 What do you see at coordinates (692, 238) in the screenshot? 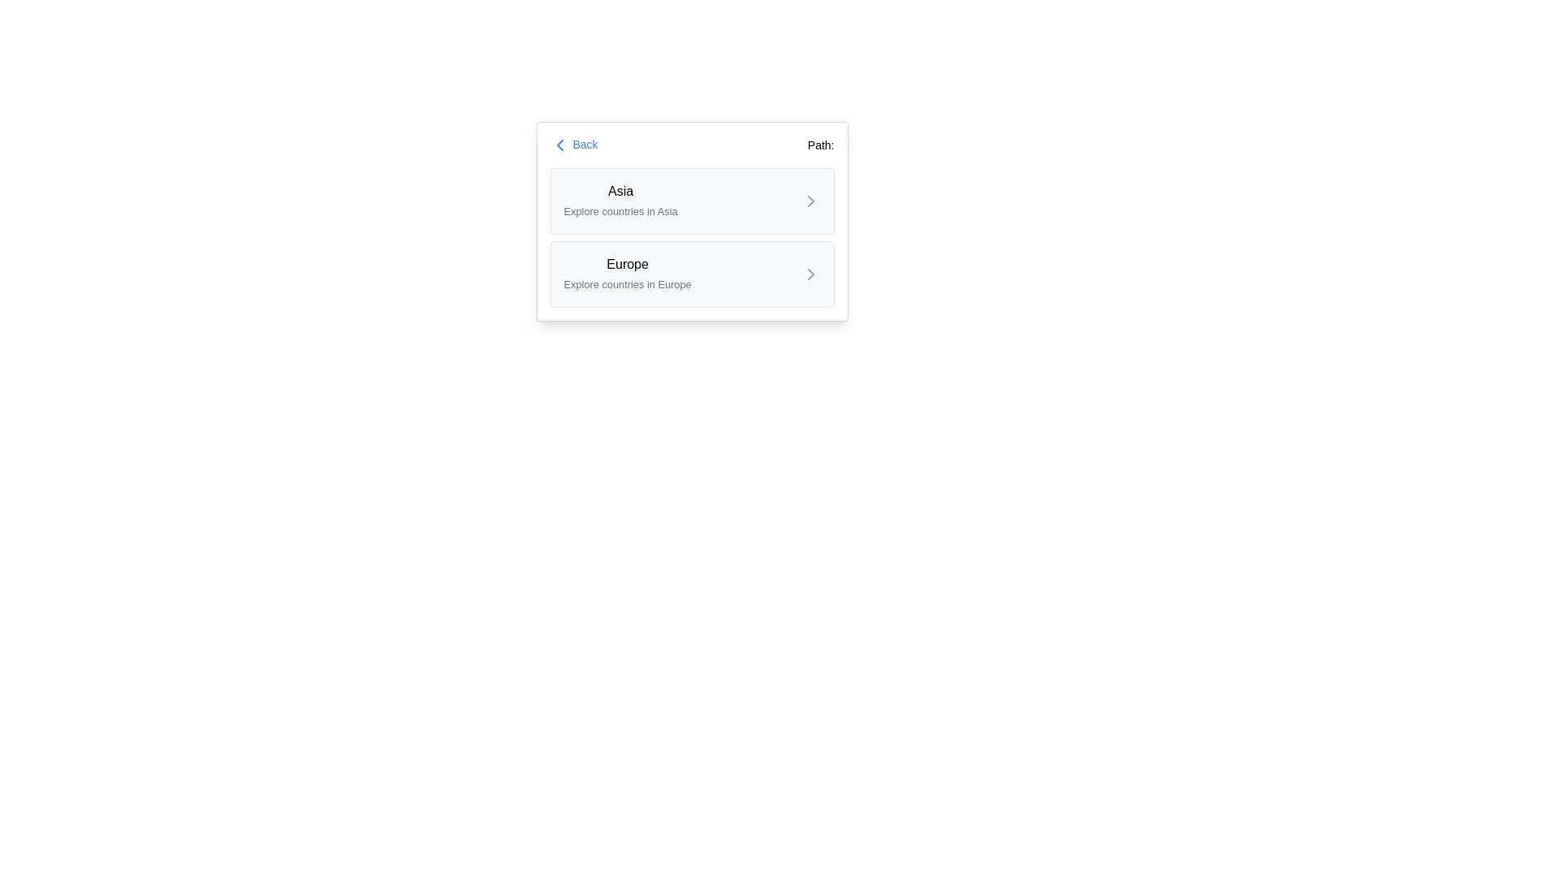
I see `the highlighted regions within the interactive subsections of the central navigational menu that allows access to 'Asia' and 'Europe'` at bounding box center [692, 238].